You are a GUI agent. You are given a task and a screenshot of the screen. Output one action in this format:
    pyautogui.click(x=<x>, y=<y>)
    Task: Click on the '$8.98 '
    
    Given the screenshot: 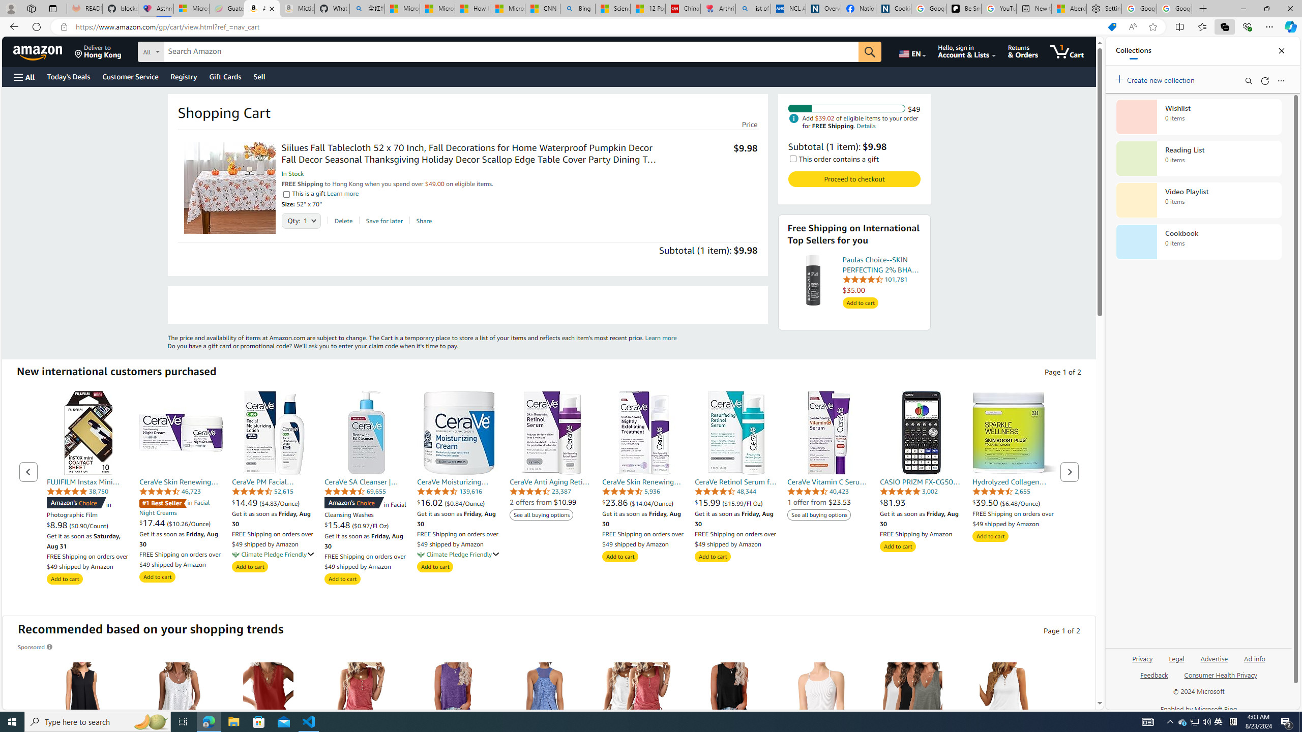 What is the action you would take?
    pyautogui.click(x=58, y=525)
    